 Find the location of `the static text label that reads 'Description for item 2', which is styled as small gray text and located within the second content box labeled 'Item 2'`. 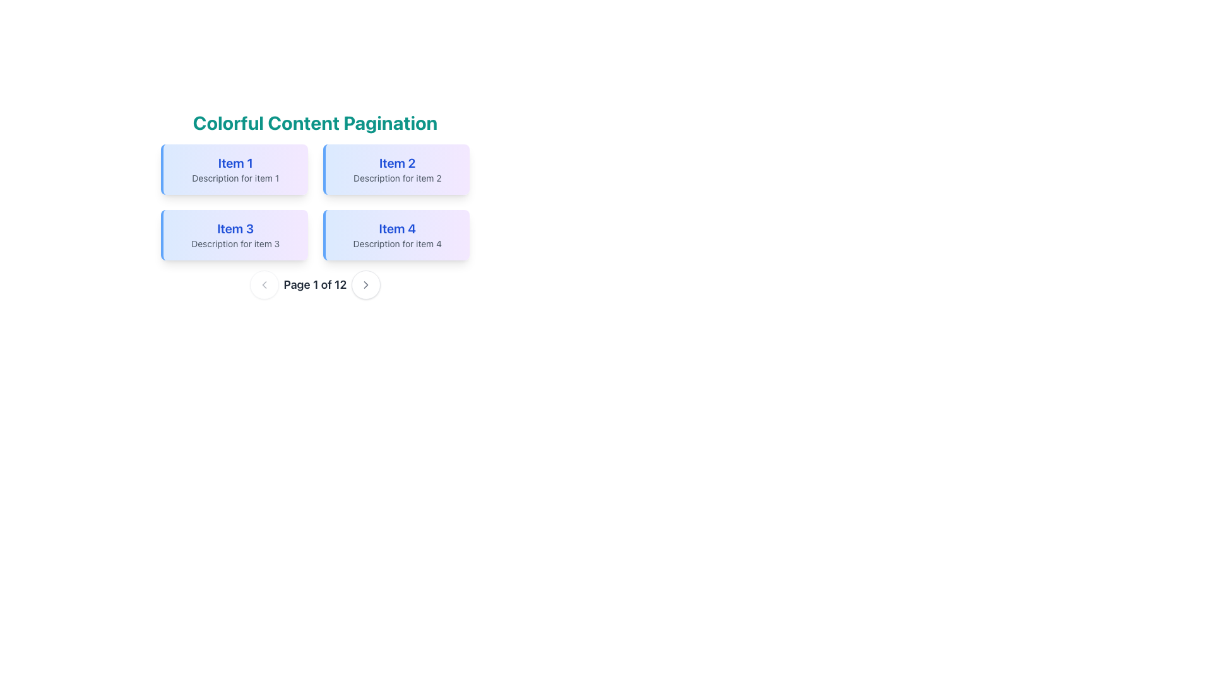

the static text label that reads 'Description for item 2', which is styled as small gray text and located within the second content box labeled 'Item 2' is located at coordinates (396, 178).